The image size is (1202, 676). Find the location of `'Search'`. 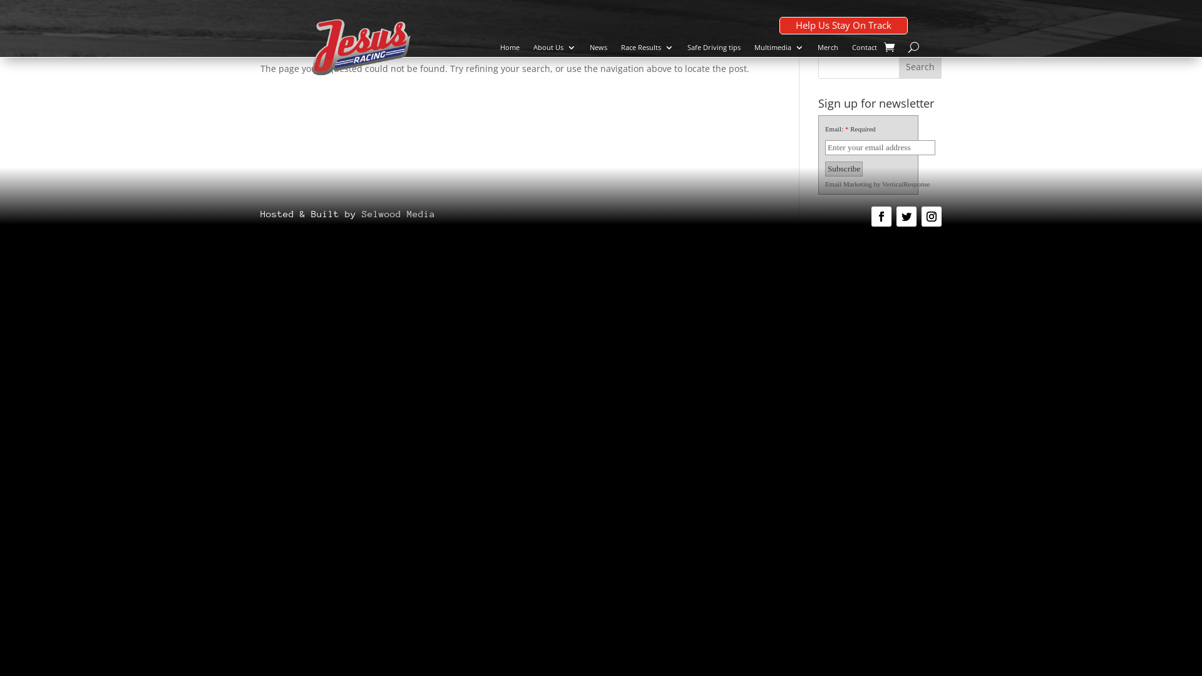

'Search' is located at coordinates (920, 66).